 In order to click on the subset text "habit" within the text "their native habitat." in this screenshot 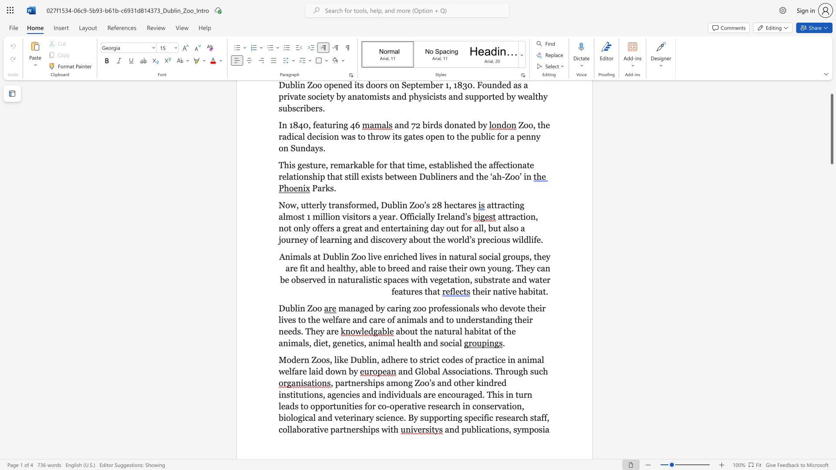, I will do `click(519, 291)`.